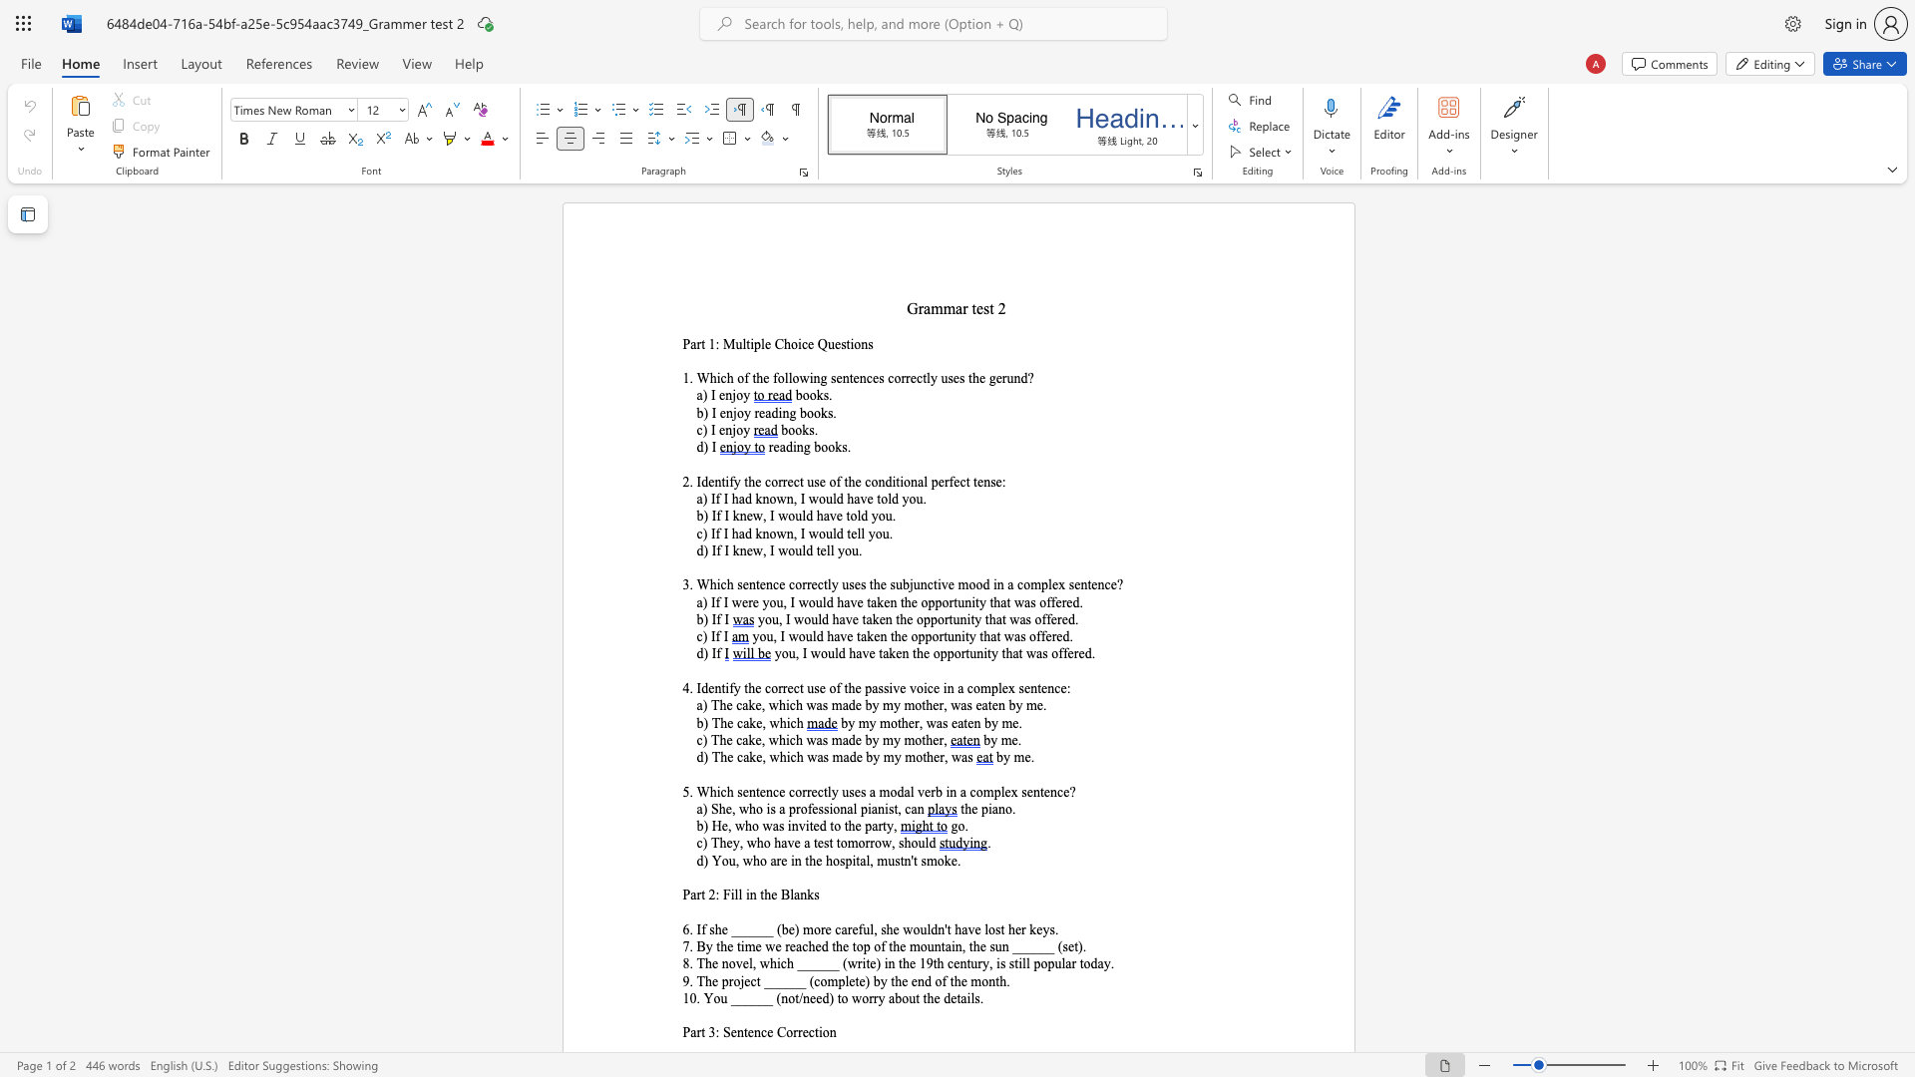 Image resolution: width=1915 pixels, height=1077 pixels. What do you see at coordinates (696, 757) in the screenshot?
I see `the subset text "d) The cake, which was made by my mo" within the text "d) The cake, which was made by my mother, was"` at bounding box center [696, 757].